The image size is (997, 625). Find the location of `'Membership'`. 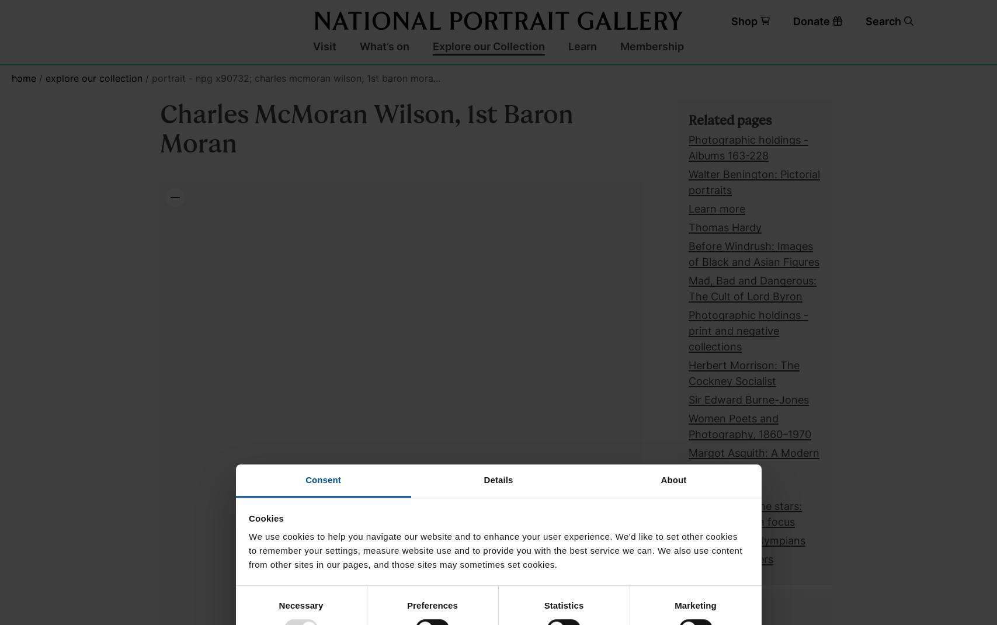

'Membership' is located at coordinates (651, 45).